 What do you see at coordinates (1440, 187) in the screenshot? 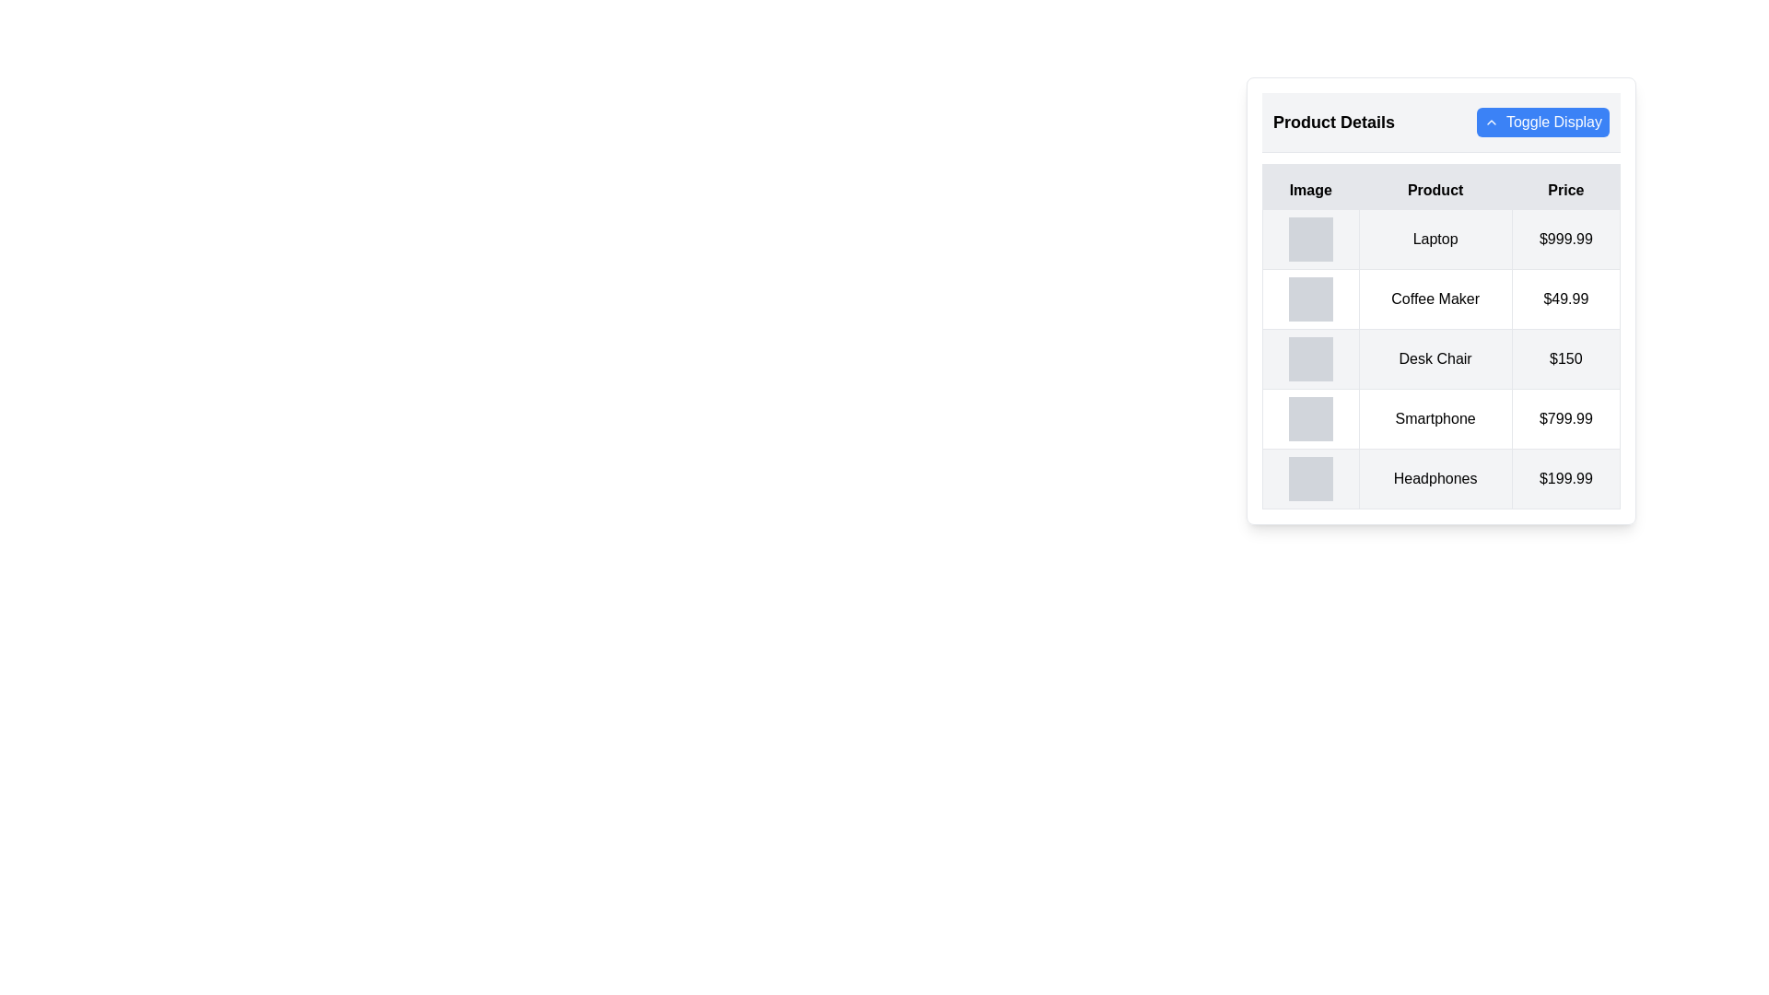
I see `the 'Product' label in the Table Header Row to sort the table by products` at bounding box center [1440, 187].